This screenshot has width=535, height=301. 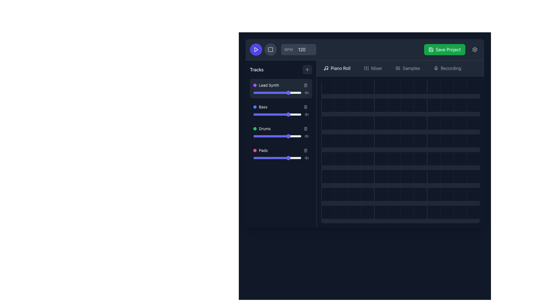 What do you see at coordinates (341, 159) in the screenshot?
I see `the second grid cell in the fifth row of the 'Piano Roll' tab, which is a square-shaped dark gray box that lightens on hover` at bounding box center [341, 159].